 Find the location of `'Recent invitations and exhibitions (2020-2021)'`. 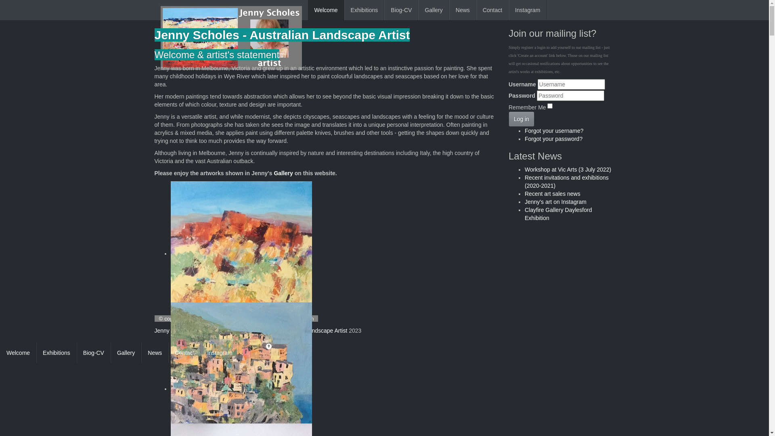

'Recent invitations and exhibitions (2020-2021)' is located at coordinates (566, 182).